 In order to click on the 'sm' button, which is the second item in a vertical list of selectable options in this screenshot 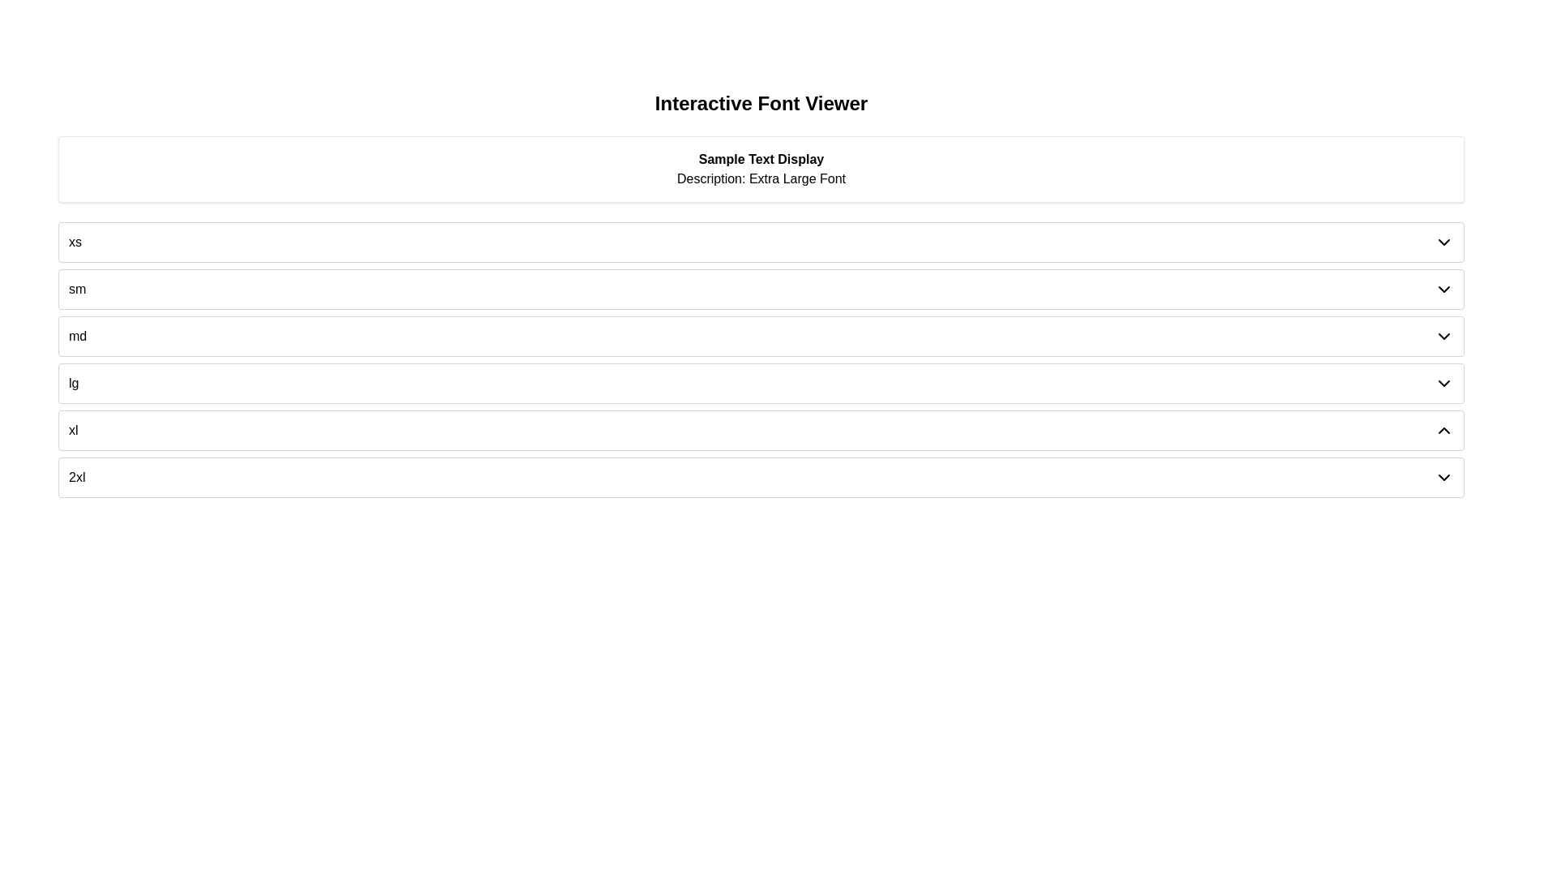, I will do `click(761, 289)`.